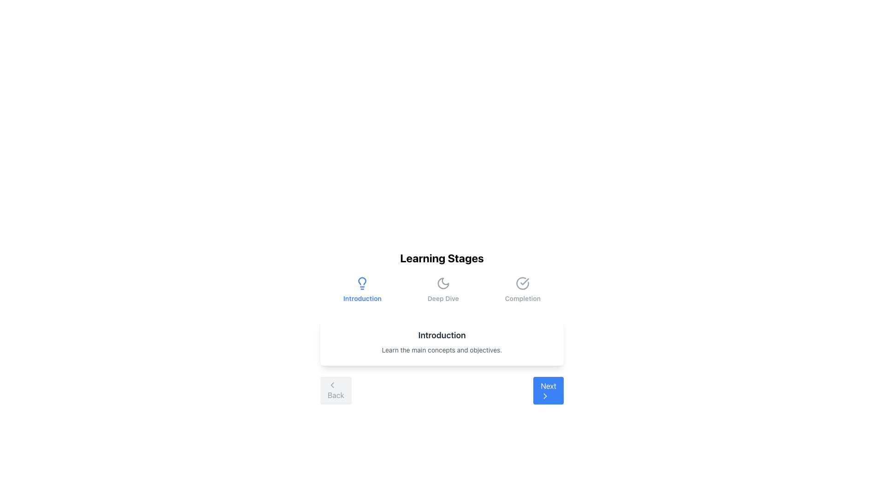 The width and height of the screenshot is (885, 497). What do you see at coordinates (525, 281) in the screenshot?
I see `the checkmark icon which indicates approval or success, positioned diagonally within a larger circular icon` at bounding box center [525, 281].